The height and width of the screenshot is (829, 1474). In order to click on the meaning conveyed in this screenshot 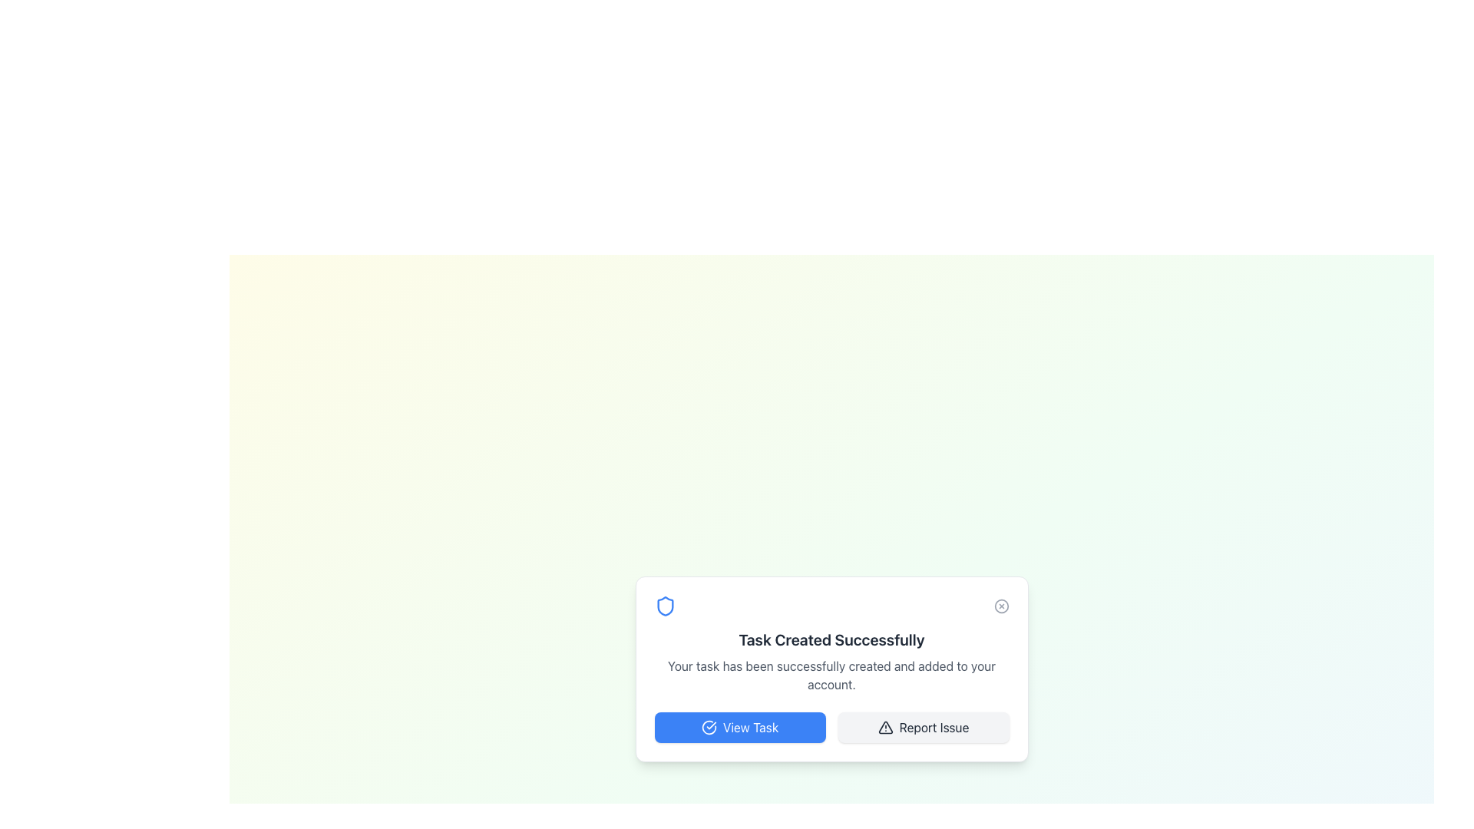, I will do `click(885, 727)`.